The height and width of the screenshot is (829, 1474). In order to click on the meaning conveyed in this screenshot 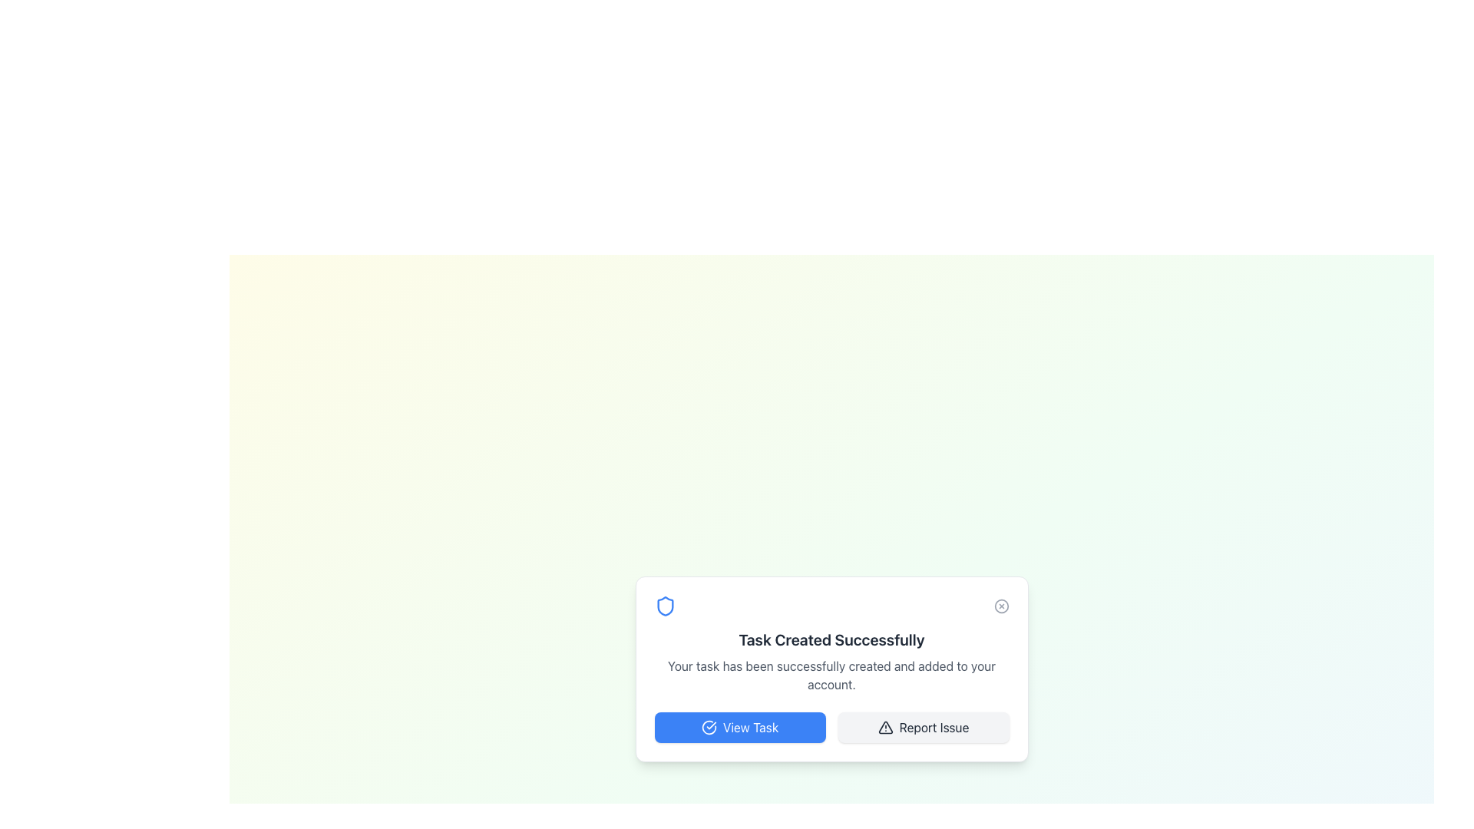, I will do `click(885, 727)`.